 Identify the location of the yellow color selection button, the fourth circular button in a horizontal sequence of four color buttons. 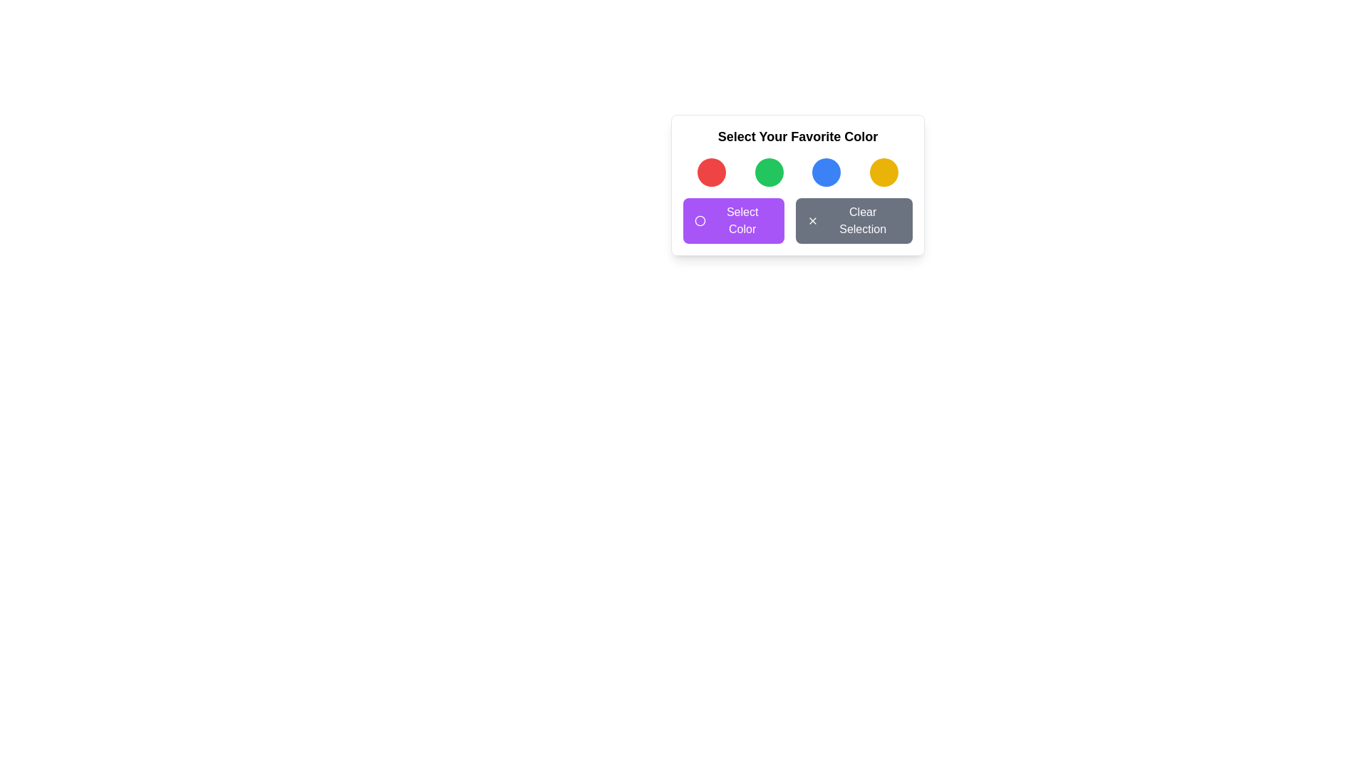
(883, 172).